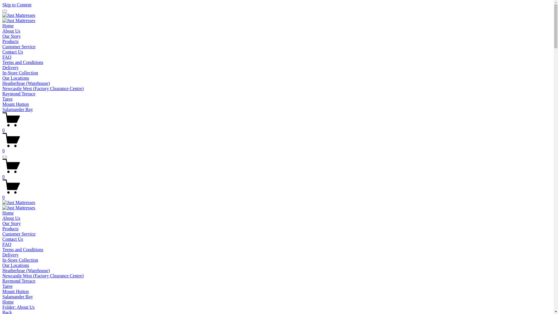 This screenshot has height=314, width=558. Describe the element at coordinates (20, 260) in the screenshot. I see `'In-Store Collection'` at that location.